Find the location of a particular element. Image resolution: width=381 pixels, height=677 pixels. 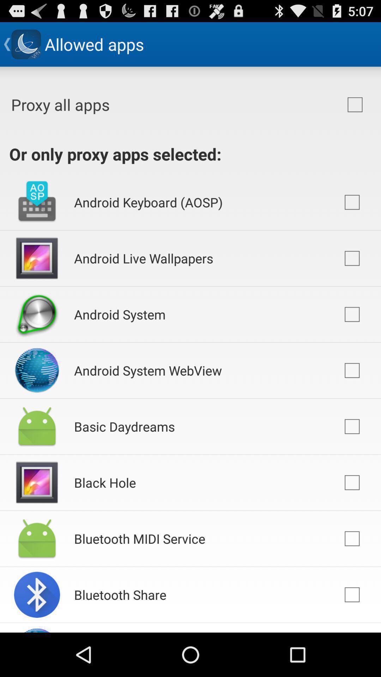

the item next to proxy all apps app is located at coordinates (355, 104).